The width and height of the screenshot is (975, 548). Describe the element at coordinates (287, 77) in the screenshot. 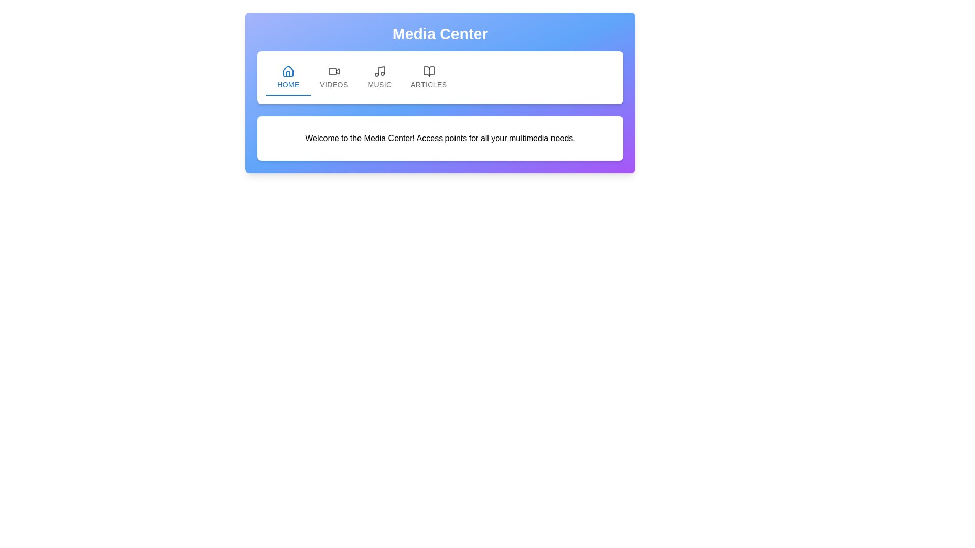

I see `the 'Home' tab button, which features a house icon and is styled with a black text label in uppercase with a blue underline` at that location.